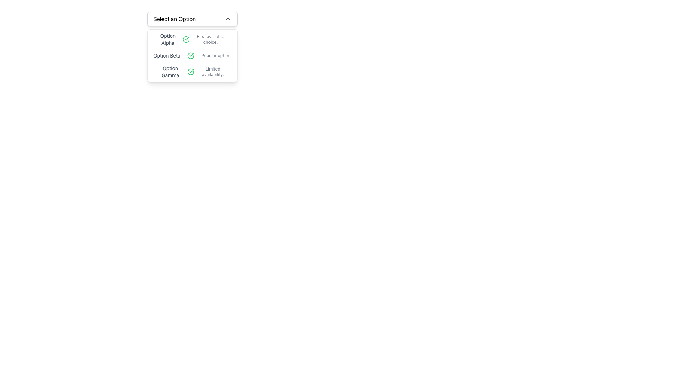 Image resolution: width=677 pixels, height=381 pixels. Describe the element at coordinates (166, 55) in the screenshot. I see `the 'Option Beta' label` at that location.